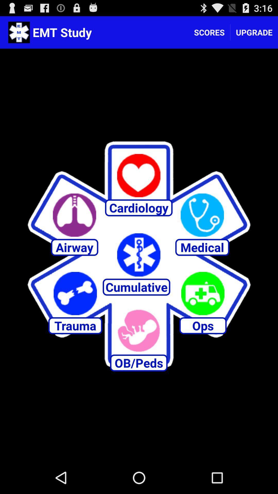 The width and height of the screenshot is (278, 494). Describe the element at coordinates (138, 331) in the screenshot. I see `click the ob/peds option` at that location.